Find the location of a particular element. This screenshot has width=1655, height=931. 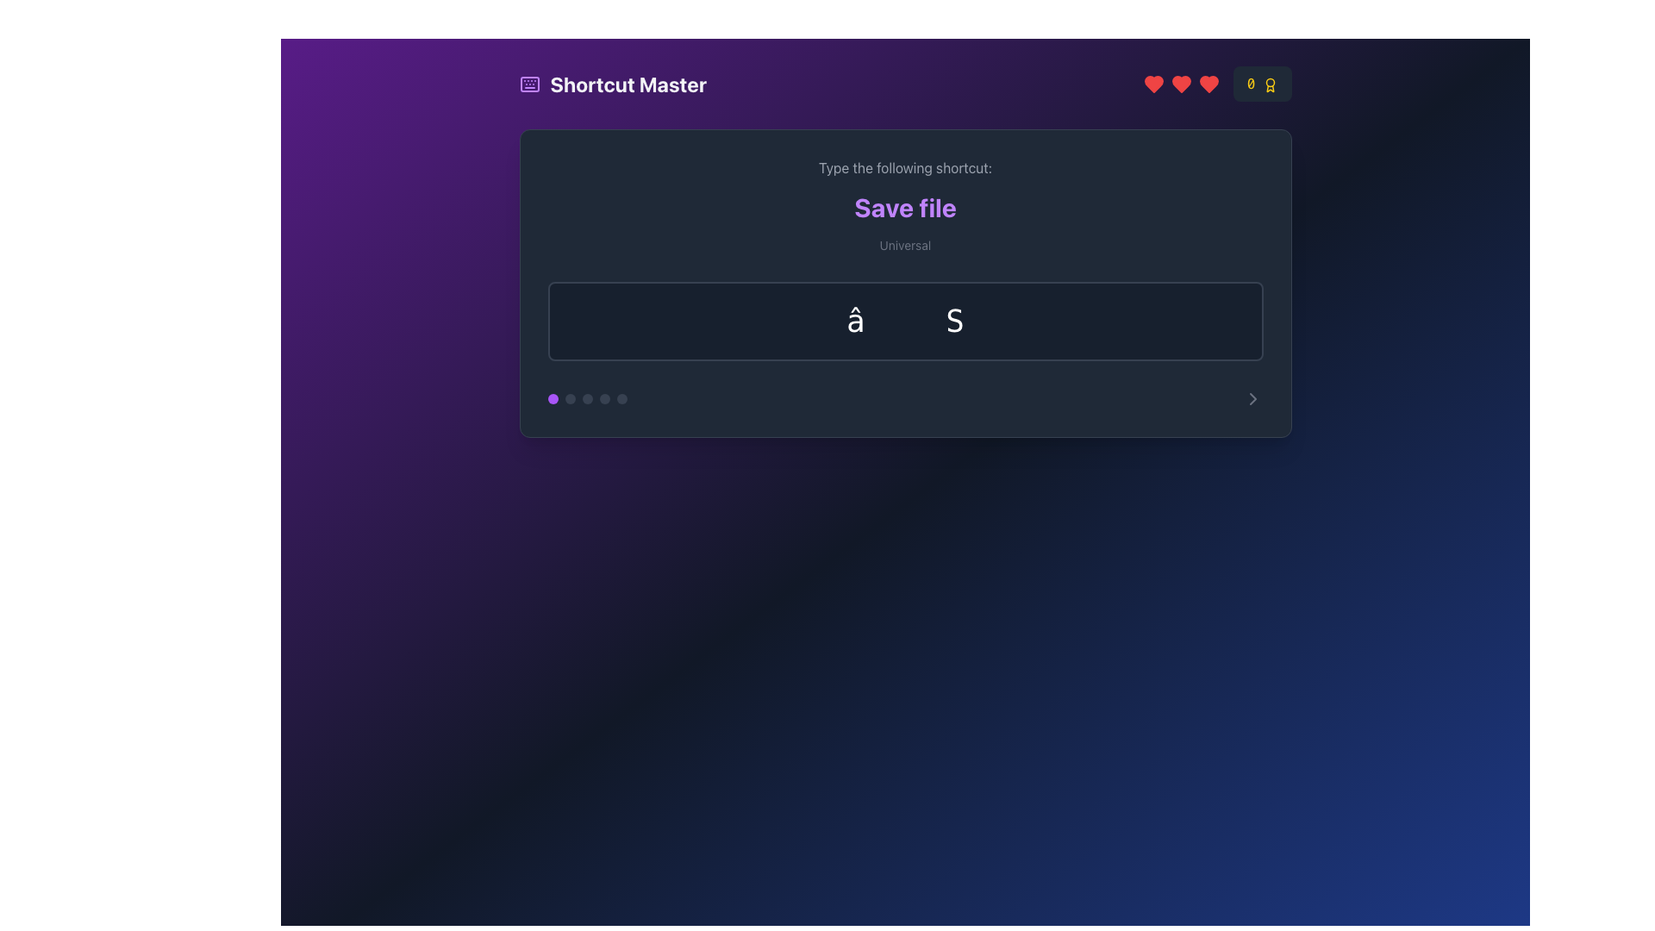

the small, grey, circular indicator positioned second among five similar indicators below the central dark rectangle is located at coordinates (570, 398).